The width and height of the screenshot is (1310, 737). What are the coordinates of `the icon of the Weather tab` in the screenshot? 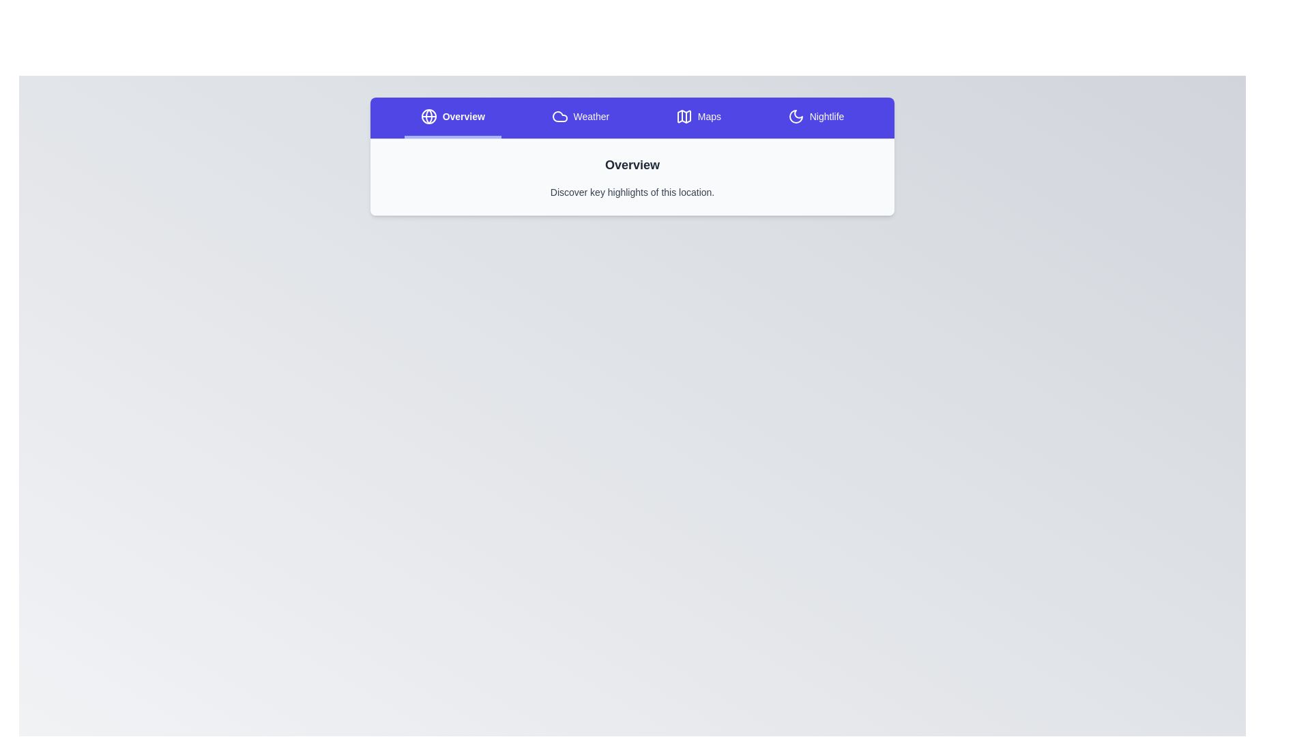 It's located at (559, 115).